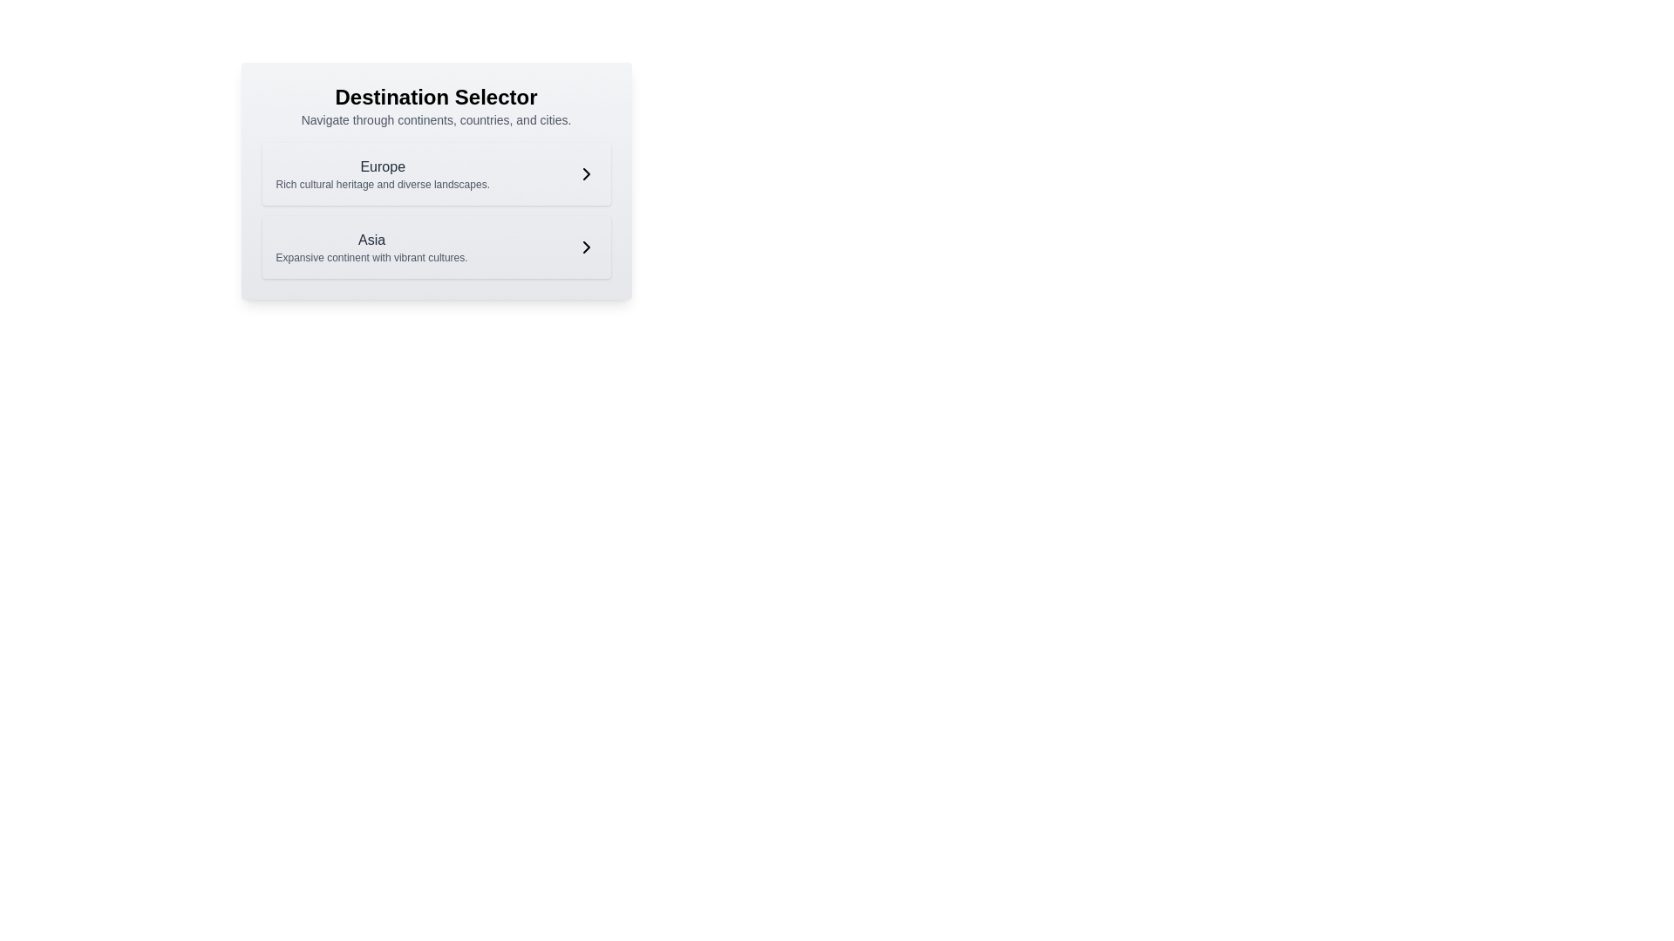  What do you see at coordinates (586, 247) in the screenshot?
I see `the right-pointing chevron arrow icon located on the right side of the Asia region's description` at bounding box center [586, 247].